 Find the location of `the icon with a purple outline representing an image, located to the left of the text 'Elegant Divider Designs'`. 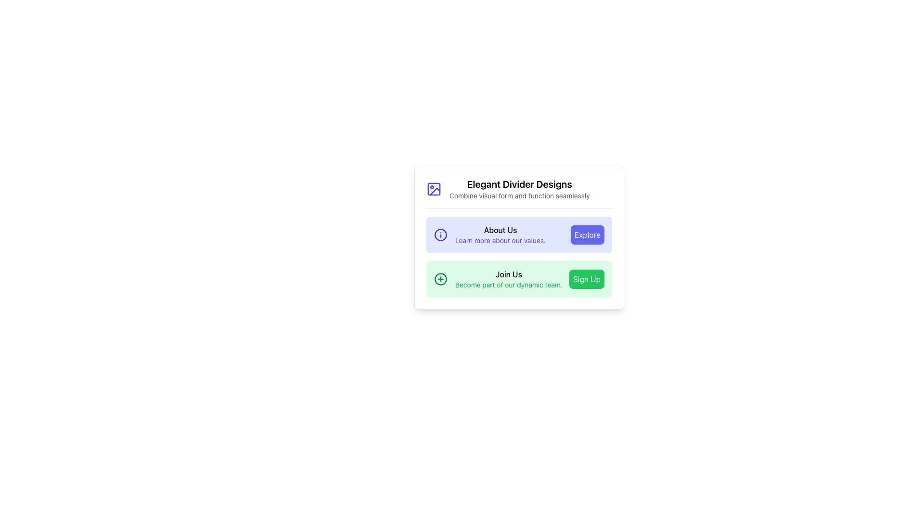

the icon with a purple outline representing an image, located to the left of the text 'Elegant Divider Designs' is located at coordinates (434, 189).